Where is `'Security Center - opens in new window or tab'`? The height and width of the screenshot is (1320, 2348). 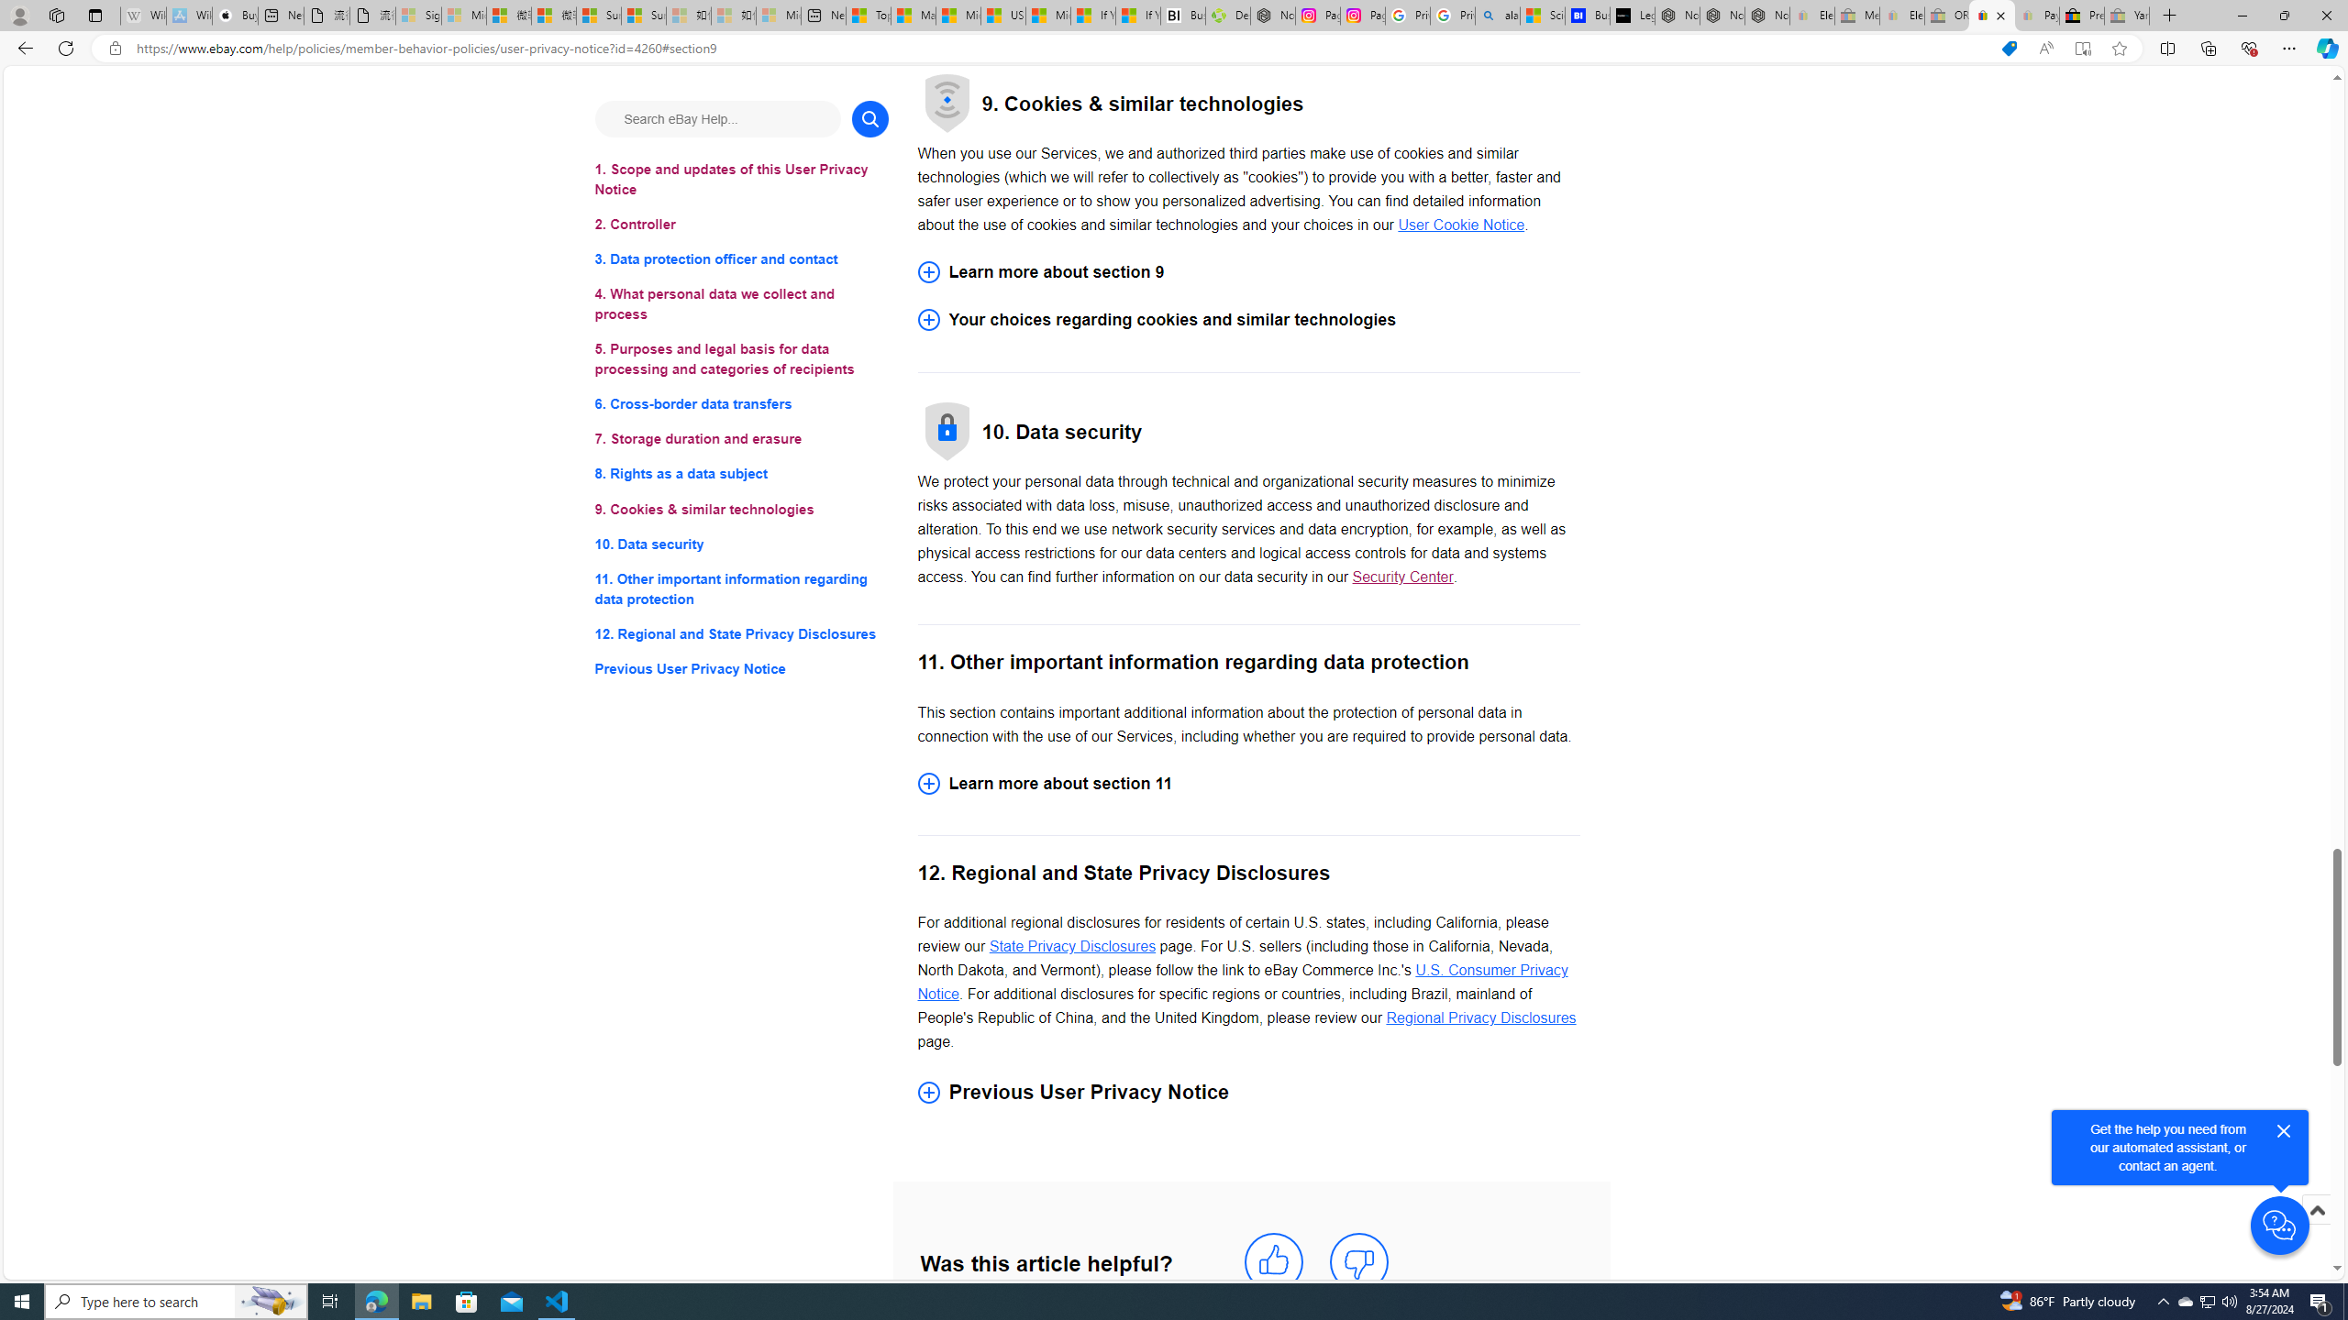
'Security Center - opens in new window or tab' is located at coordinates (1401, 577).